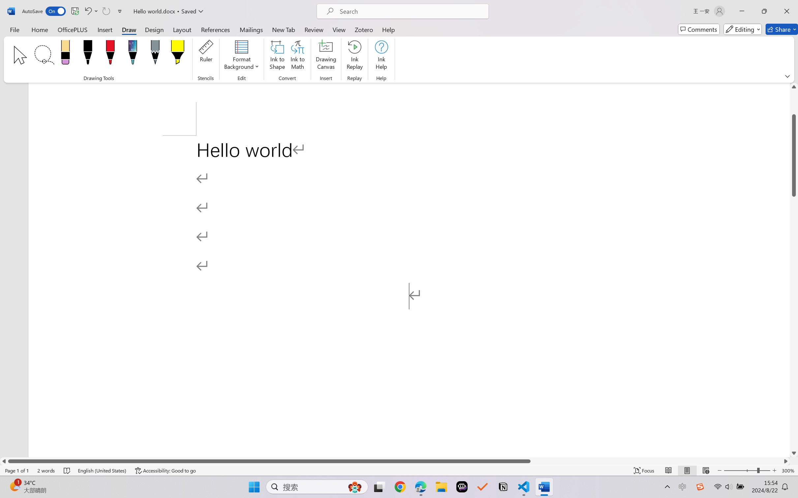 The image size is (798, 498). What do you see at coordinates (297, 56) in the screenshot?
I see `'Ink to Math'` at bounding box center [297, 56].